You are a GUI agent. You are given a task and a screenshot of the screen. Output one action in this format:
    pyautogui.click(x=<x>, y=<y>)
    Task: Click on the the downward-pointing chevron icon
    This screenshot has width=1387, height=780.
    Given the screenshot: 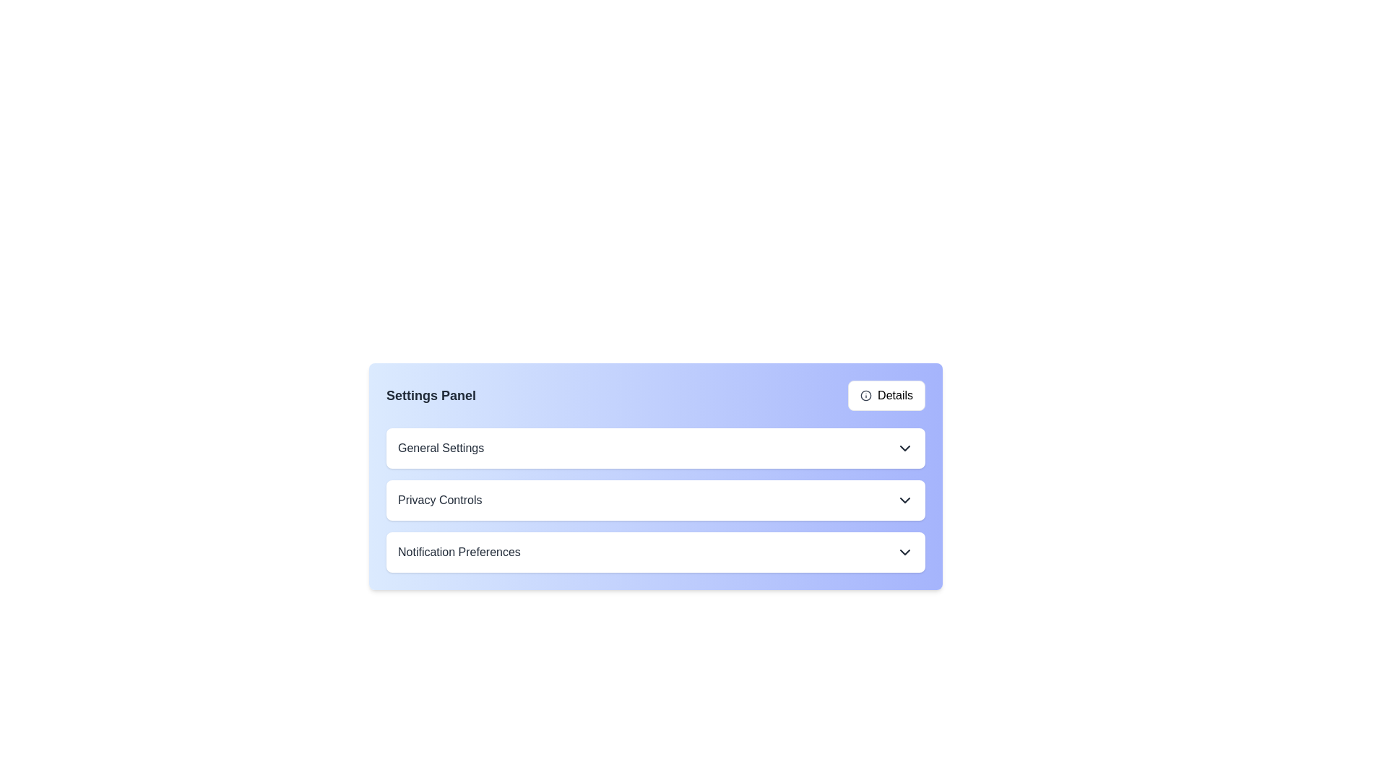 What is the action you would take?
    pyautogui.click(x=904, y=448)
    